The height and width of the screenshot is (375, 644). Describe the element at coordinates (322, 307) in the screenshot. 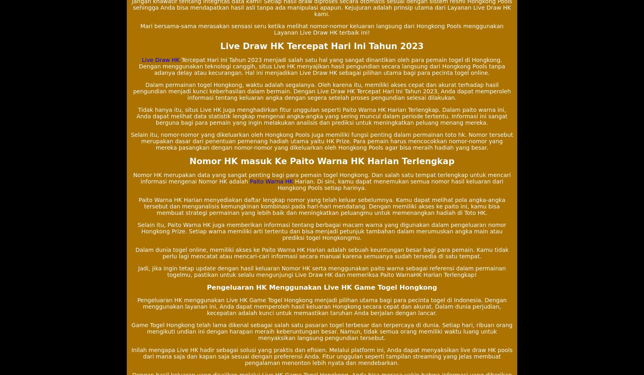

I see `'Pengeluaran HK menggunakan Live HK Game Togel Hongkong menjadi pilihan utama bagi para pecinta togel di Indonesia. Dengan menggunakan layanan ini, Anda dapat memperoleh hasil keluaran Hongkong secara cepat dan akurat. Dalam dunia perjudian, kecepatan adalah kunci untuk memastikan taruhan Anda berjalan dengan lancar.'` at that location.